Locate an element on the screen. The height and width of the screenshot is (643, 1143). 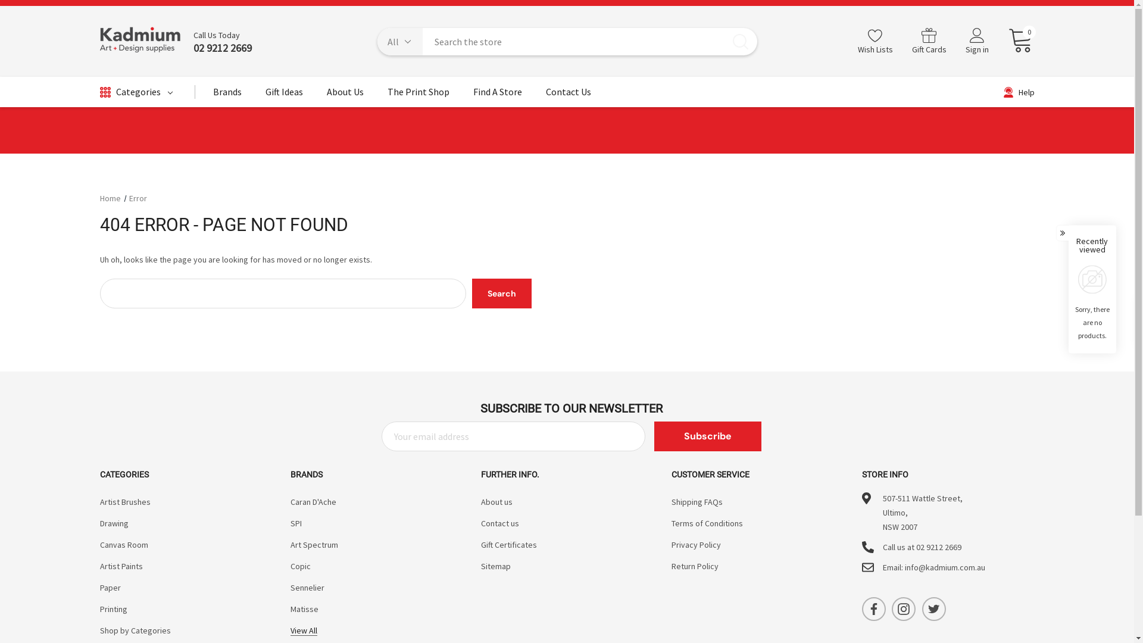
'Terms of Conditions' is located at coordinates (707, 523).